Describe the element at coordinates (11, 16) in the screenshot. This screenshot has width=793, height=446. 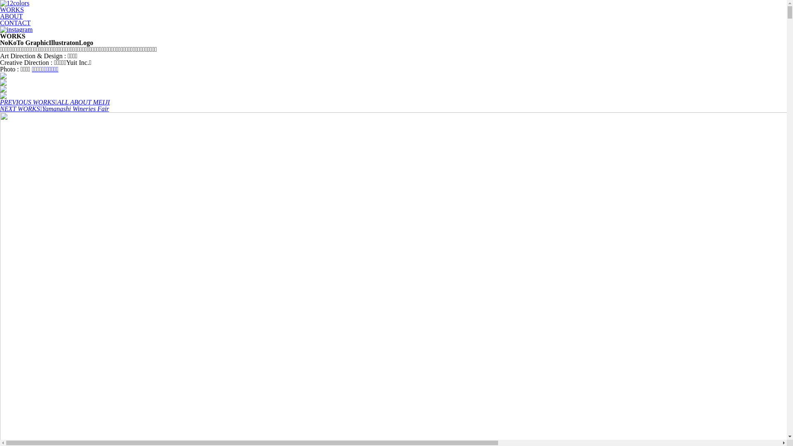
I see `'ABOUT'` at that location.